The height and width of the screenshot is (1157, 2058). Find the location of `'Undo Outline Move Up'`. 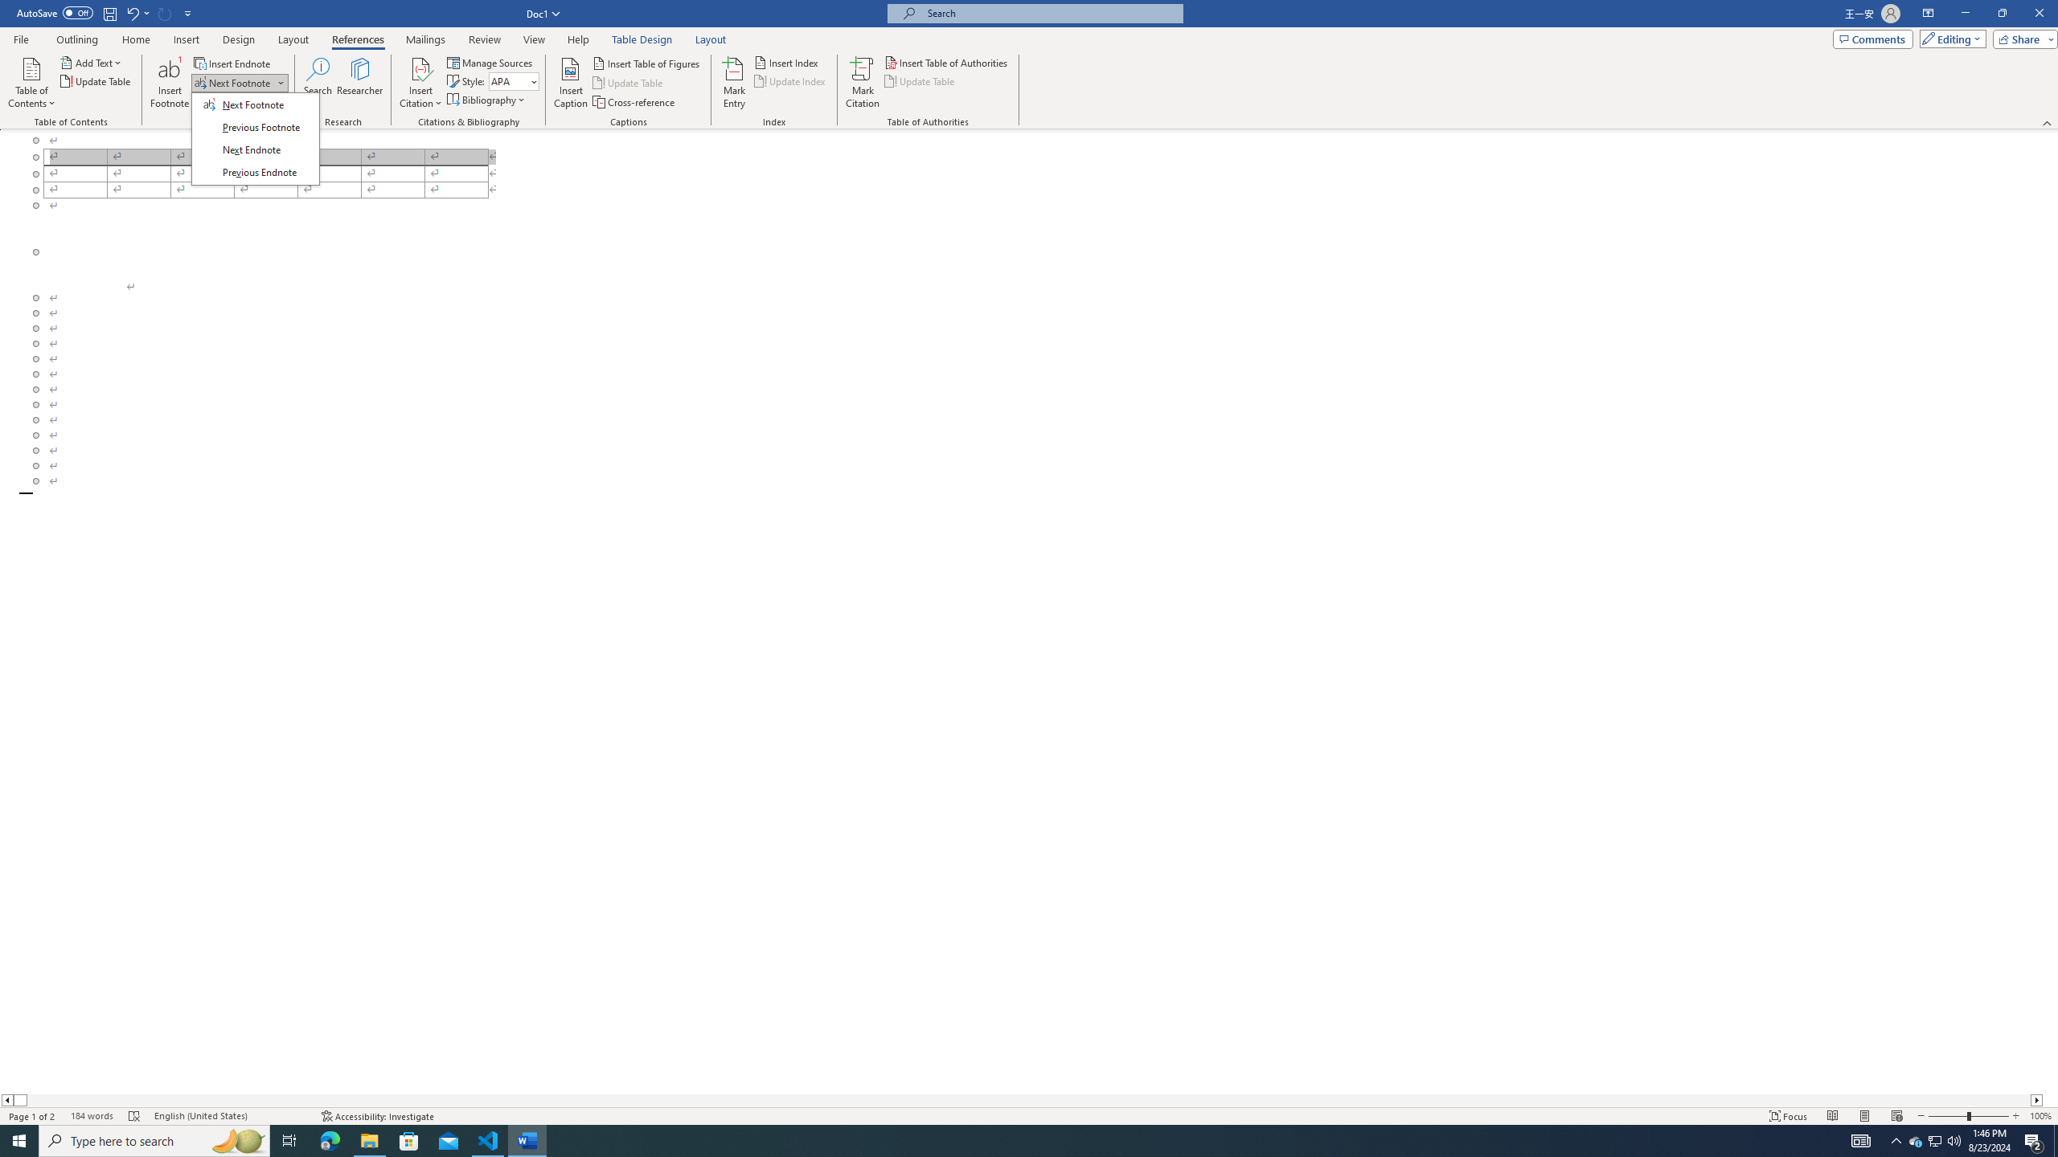

'Undo Outline Move Up' is located at coordinates (137, 12).